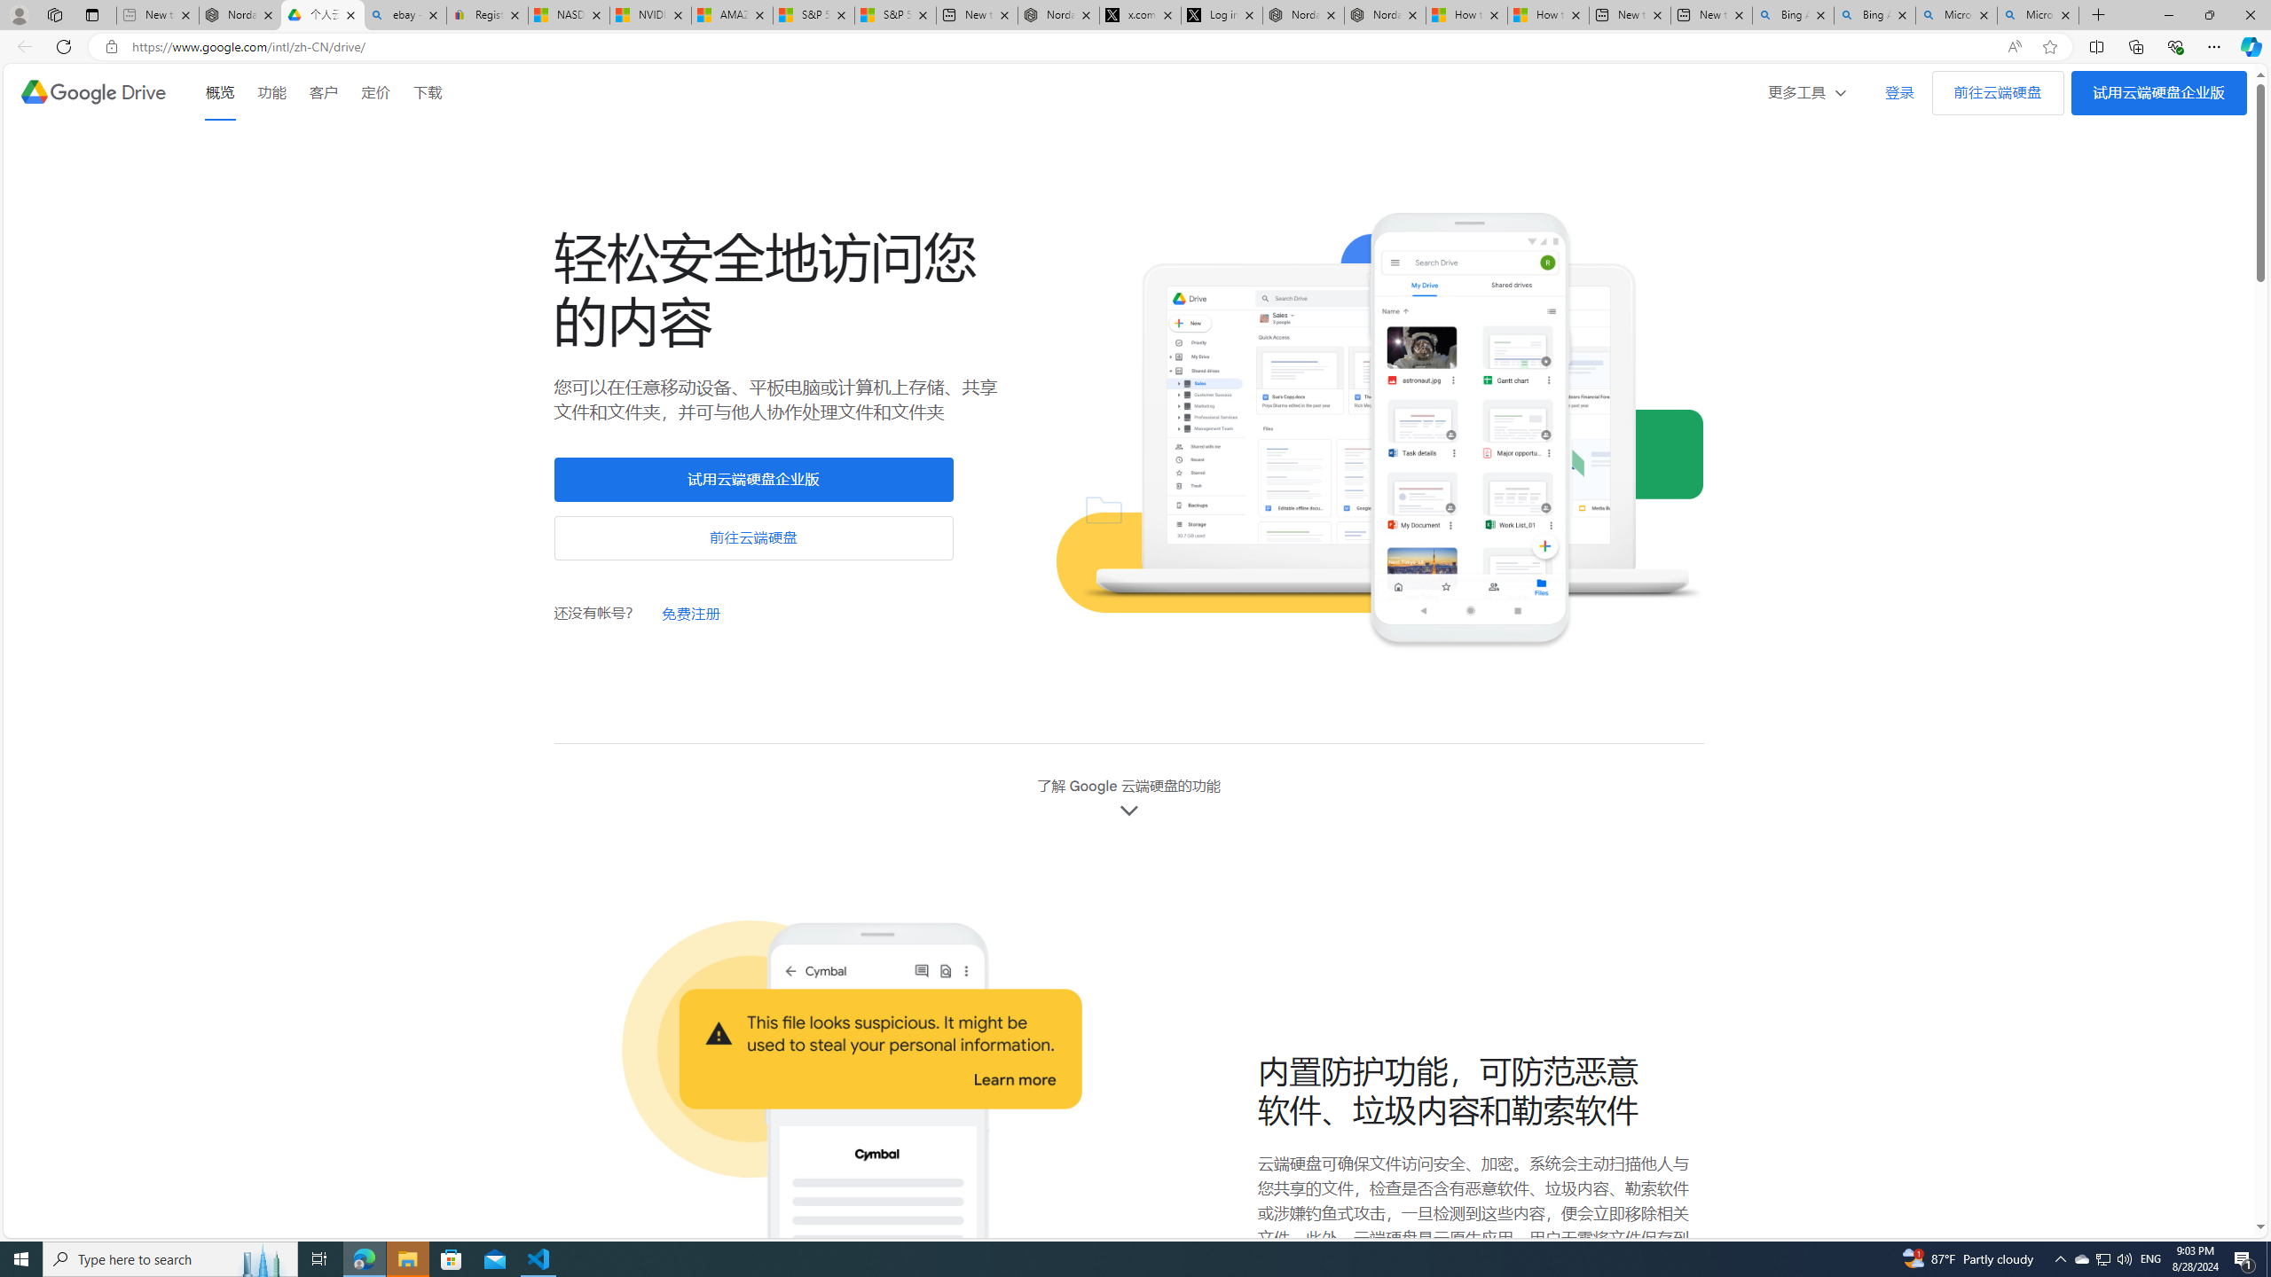 This screenshot has width=2271, height=1277. I want to click on 'Log in to X / X', so click(1222, 14).